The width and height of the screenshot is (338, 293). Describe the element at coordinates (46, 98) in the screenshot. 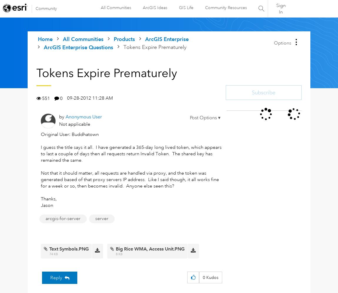

I see `'551'` at that location.